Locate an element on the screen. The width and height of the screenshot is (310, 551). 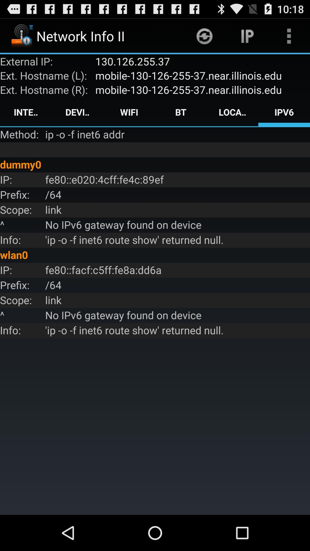
item next to wifi is located at coordinates (180, 112).